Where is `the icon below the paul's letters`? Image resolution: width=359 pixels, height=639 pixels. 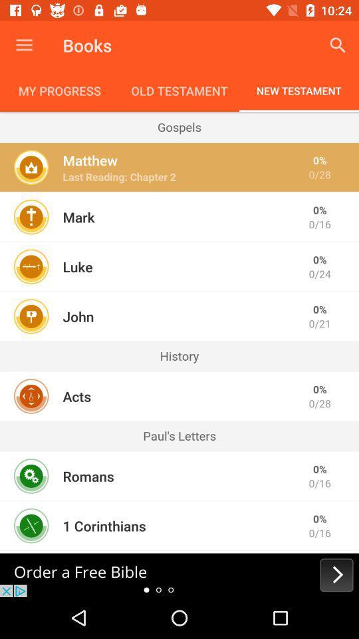 the icon below the paul's letters is located at coordinates (179, 451).